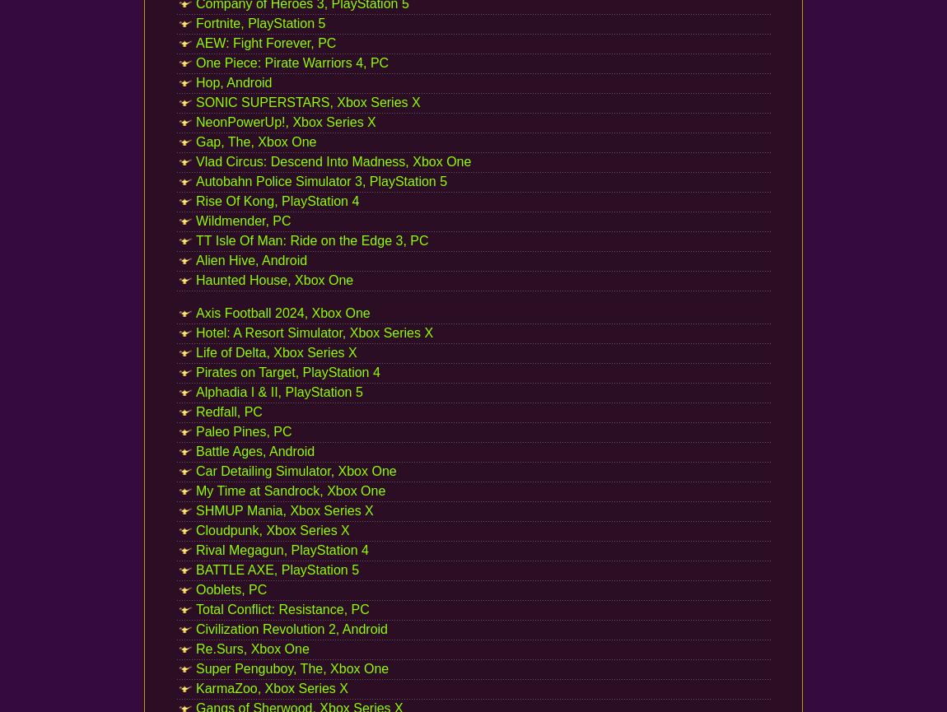 The width and height of the screenshot is (947, 712). I want to click on 'Paleo Pines, PC', so click(244, 430).